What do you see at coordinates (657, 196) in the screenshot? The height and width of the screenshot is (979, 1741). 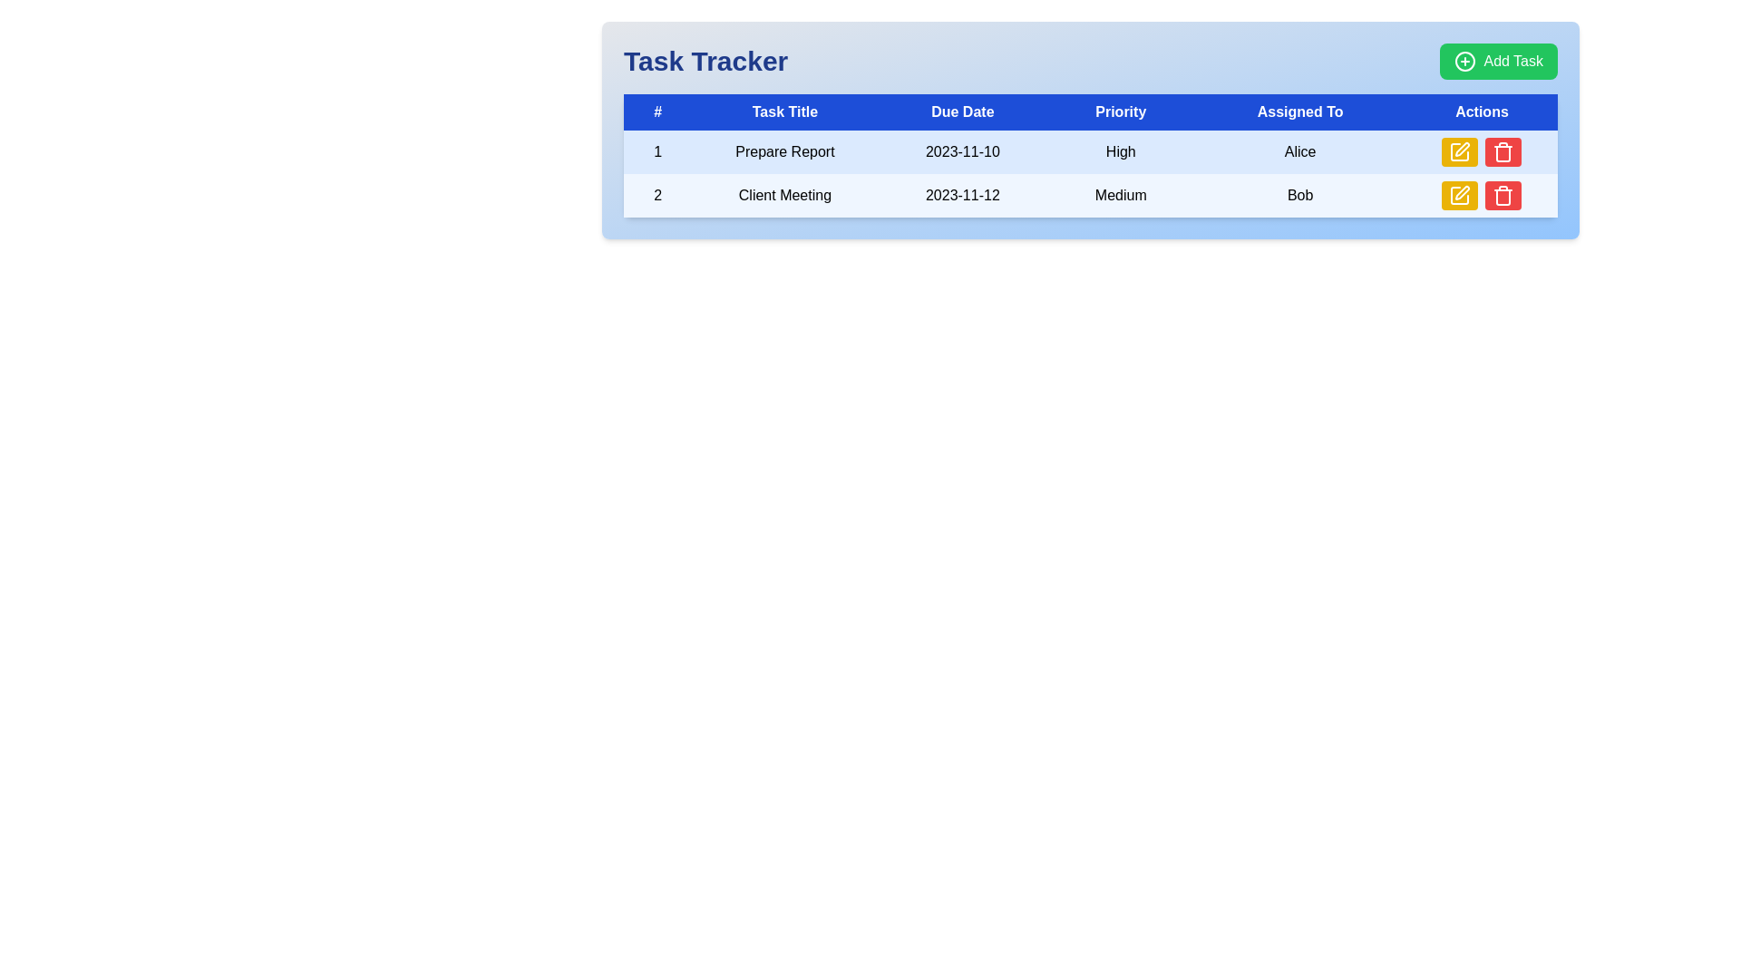 I see `number '2' displayed in the leftmost cell of the second row in the data table for the task 'Client Meeting'` at bounding box center [657, 196].